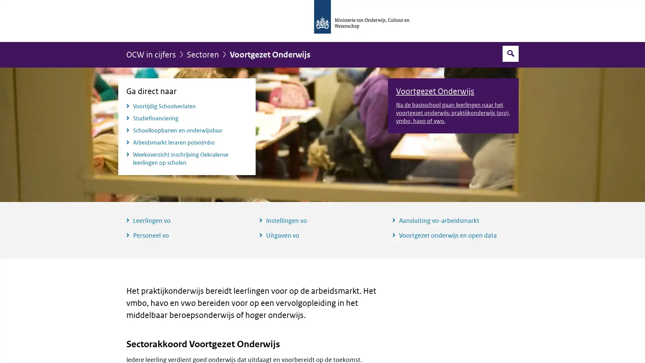 This screenshot has width=645, height=363. I want to click on Open zoekveld, so click(511, 53).